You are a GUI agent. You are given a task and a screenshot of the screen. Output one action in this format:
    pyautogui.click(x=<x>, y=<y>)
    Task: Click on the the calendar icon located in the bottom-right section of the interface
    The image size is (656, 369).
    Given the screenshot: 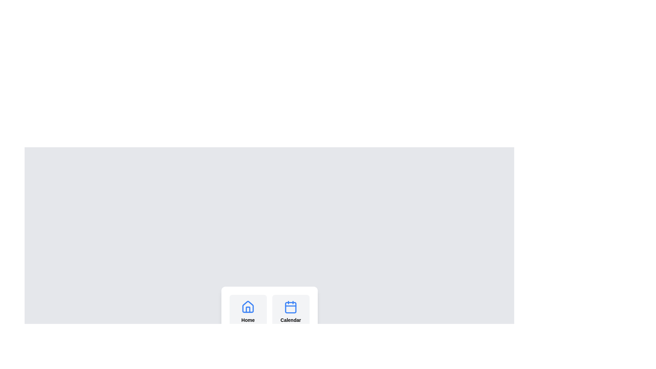 What is the action you would take?
    pyautogui.click(x=290, y=306)
    